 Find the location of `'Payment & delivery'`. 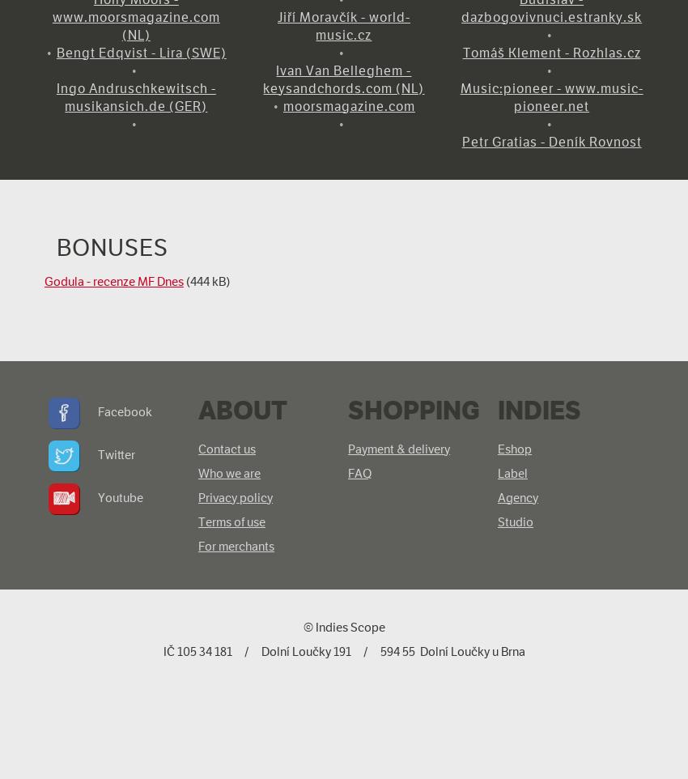

'Payment & delivery' is located at coordinates (398, 449).